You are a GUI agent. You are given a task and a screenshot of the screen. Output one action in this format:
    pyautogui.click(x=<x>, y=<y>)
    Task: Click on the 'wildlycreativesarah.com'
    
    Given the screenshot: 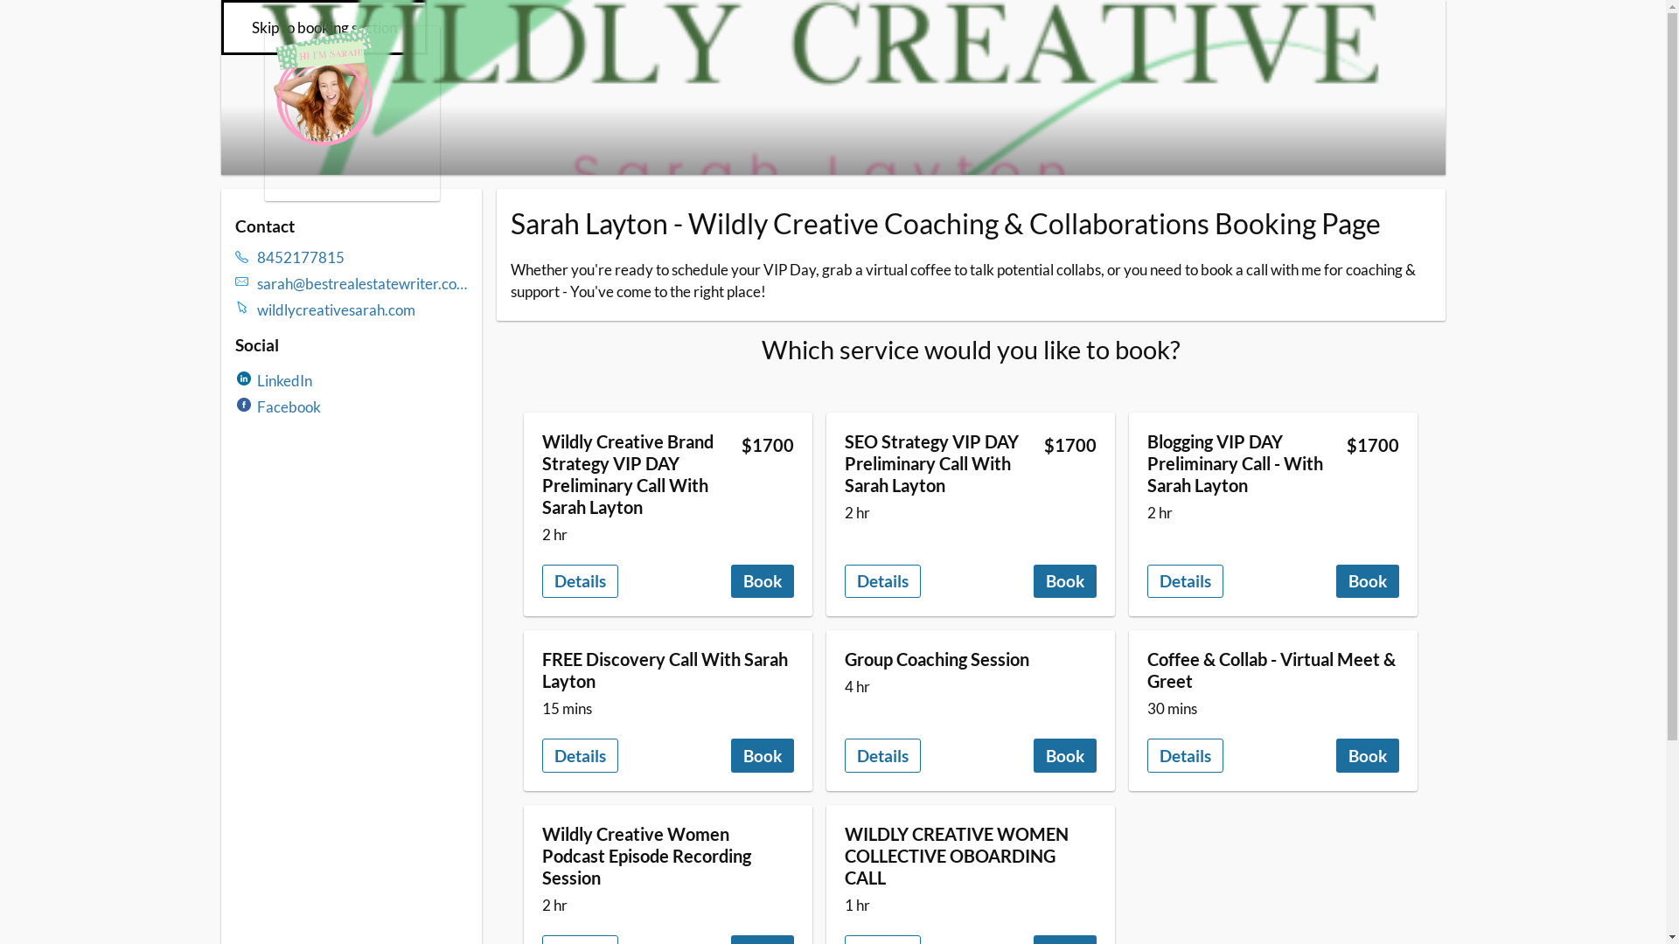 What is the action you would take?
    pyautogui.click(x=361, y=309)
    